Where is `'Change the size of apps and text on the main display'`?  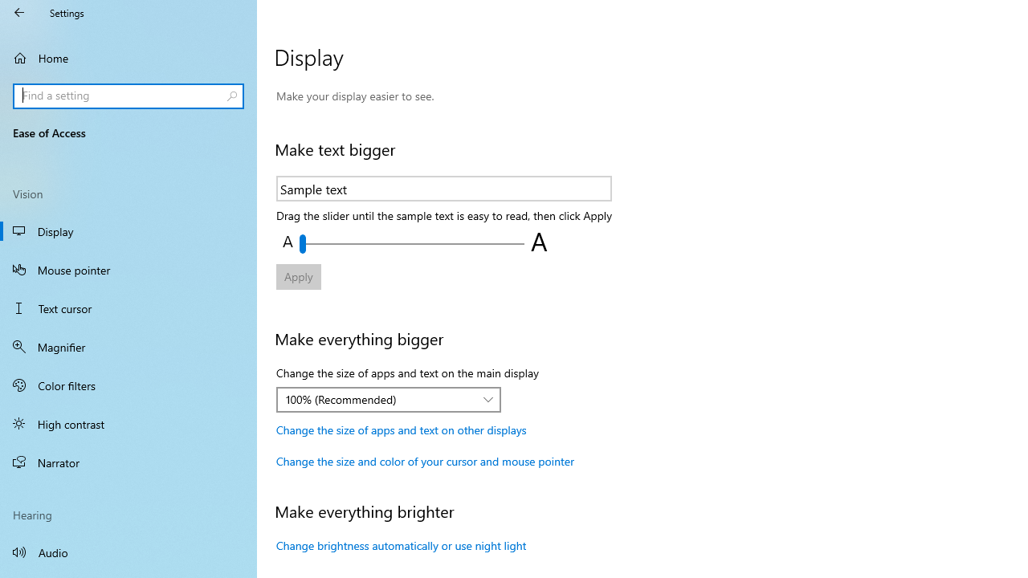
'Change the size of apps and text on the main display' is located at coordinates (389, 398).